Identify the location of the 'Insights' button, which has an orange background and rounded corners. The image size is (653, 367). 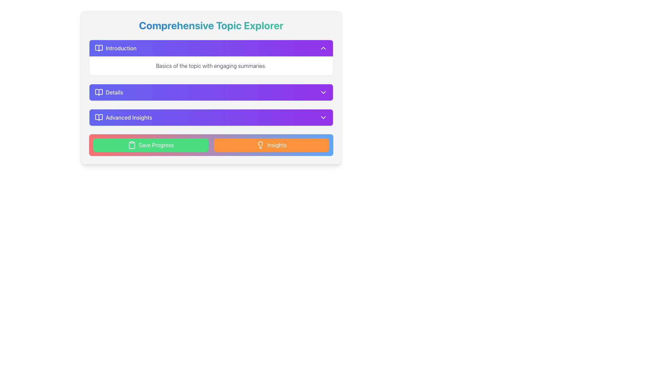
(271, 145).